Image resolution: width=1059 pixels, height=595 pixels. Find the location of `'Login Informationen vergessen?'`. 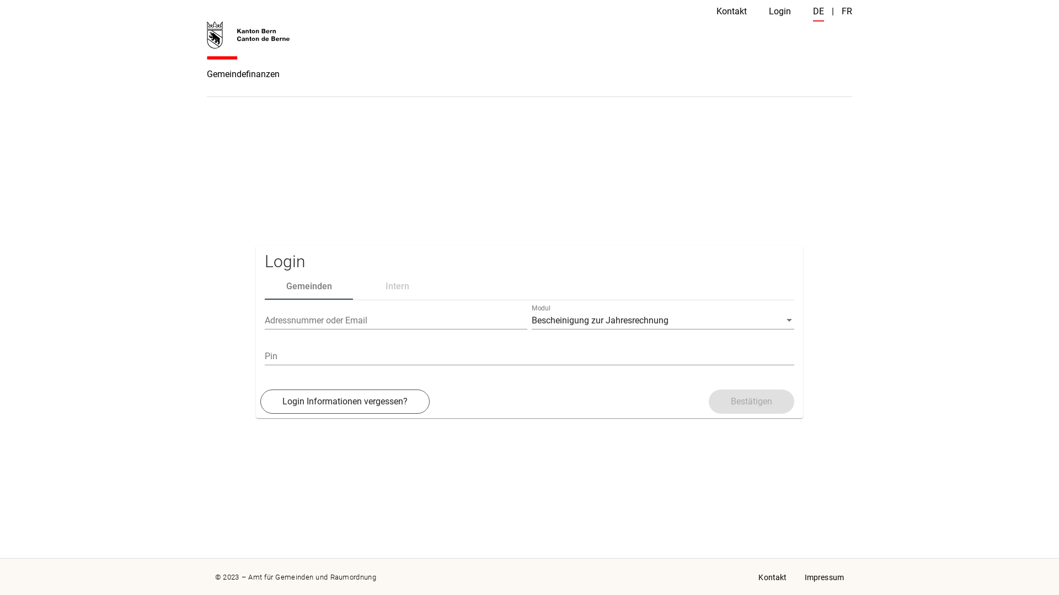

'Login Informationen vergessen?' is located at coordinates (344, 402).